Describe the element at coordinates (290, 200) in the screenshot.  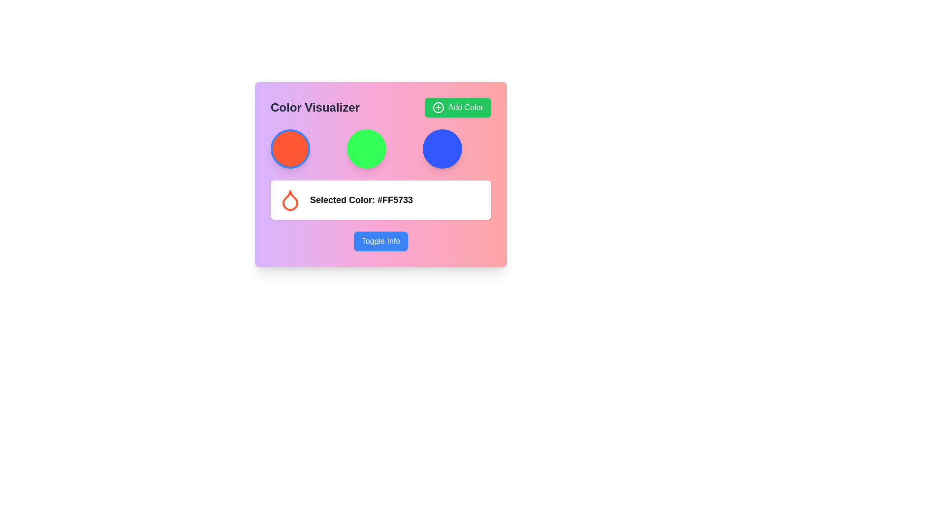
I see `the red teardrop-shaped icon located adjacent to the text 'Selected Color: #FF5733' in the lower half of the interface` at that location.